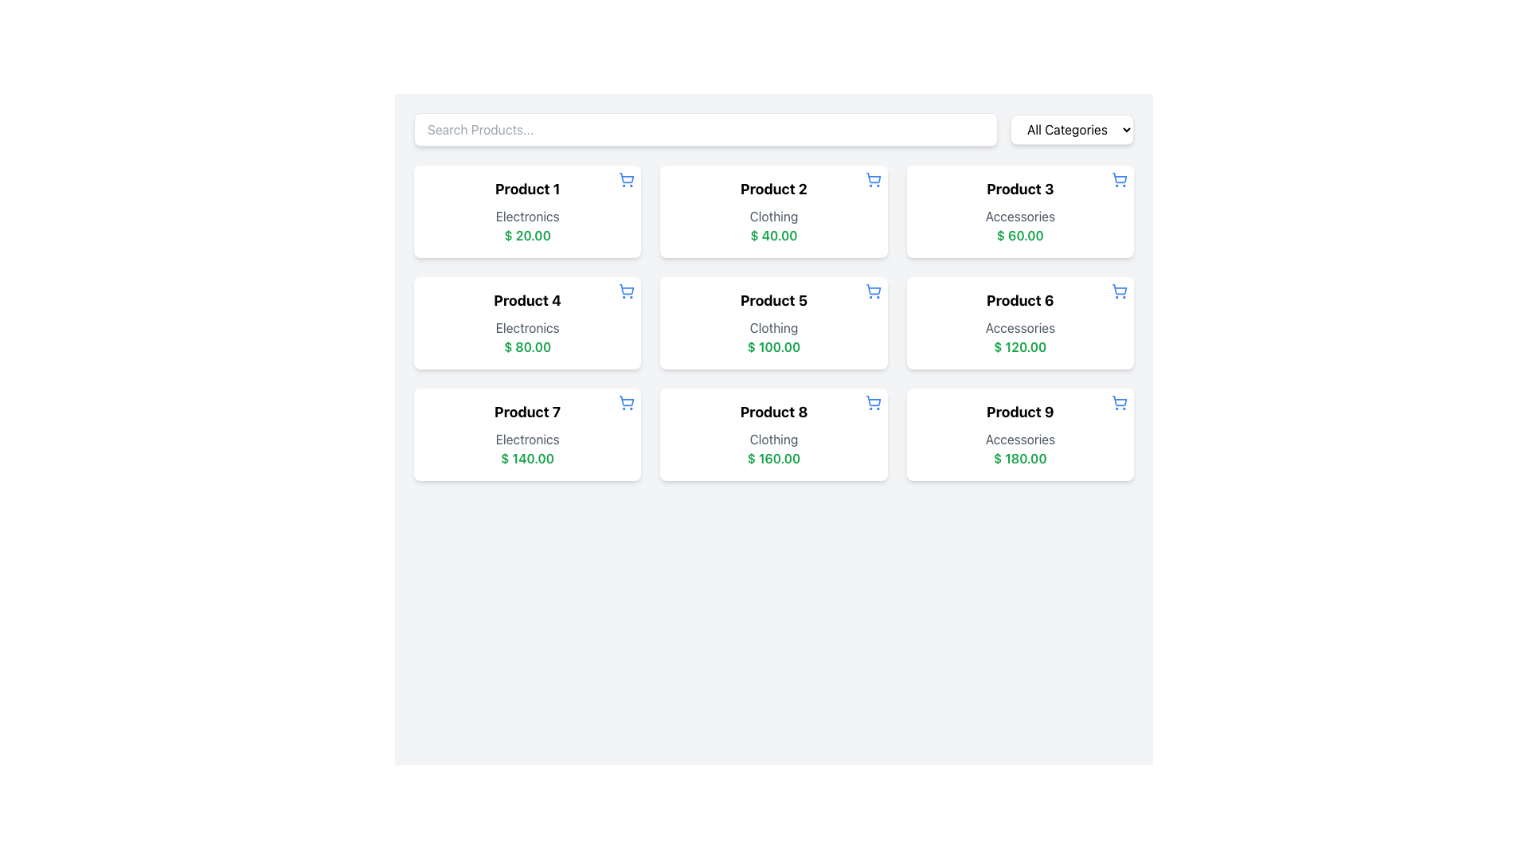 The image size is (1529, 860). I want to click on the text label that serves as the title for 'Product 6', located in the top section of its card, positioned above the labels 'Accessories' and '$ 120.00', so click(1020, 301).